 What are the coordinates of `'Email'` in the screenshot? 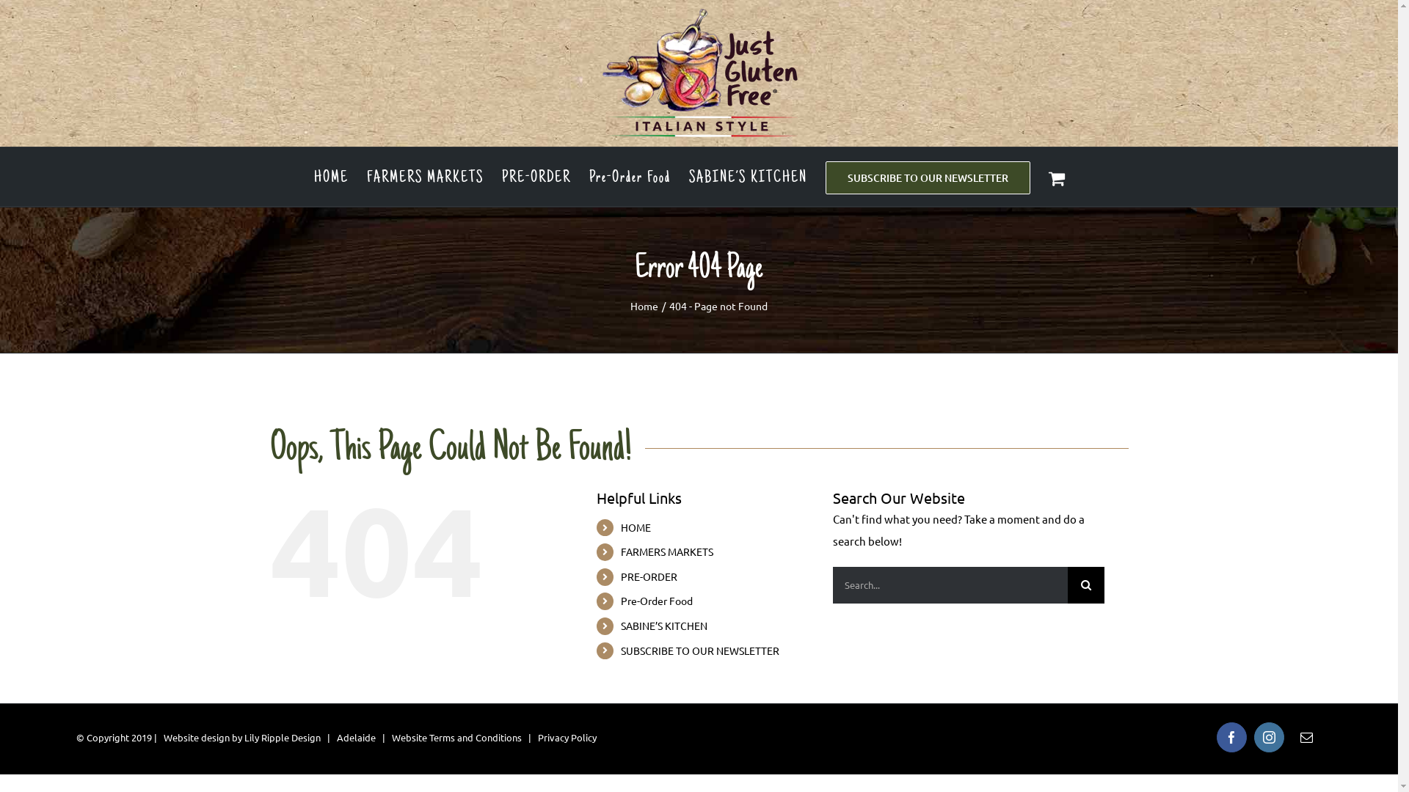 It's located at (1306, 737).